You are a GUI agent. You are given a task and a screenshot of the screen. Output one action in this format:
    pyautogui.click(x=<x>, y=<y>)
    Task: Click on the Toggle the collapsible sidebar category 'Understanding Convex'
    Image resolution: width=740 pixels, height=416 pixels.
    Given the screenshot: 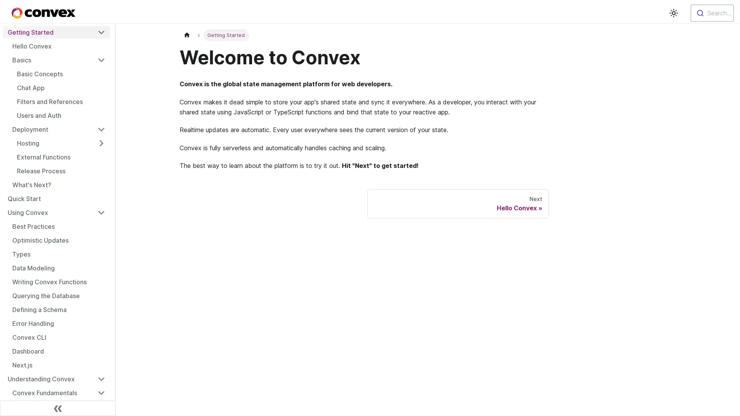 What is the action you would take?
    pyautogui.click(x=101, y=378)
    